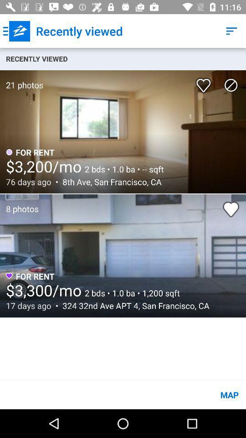 This screenshot has height=438, width=246. I want to click on icon below the recently viewed, so click(231, 85).